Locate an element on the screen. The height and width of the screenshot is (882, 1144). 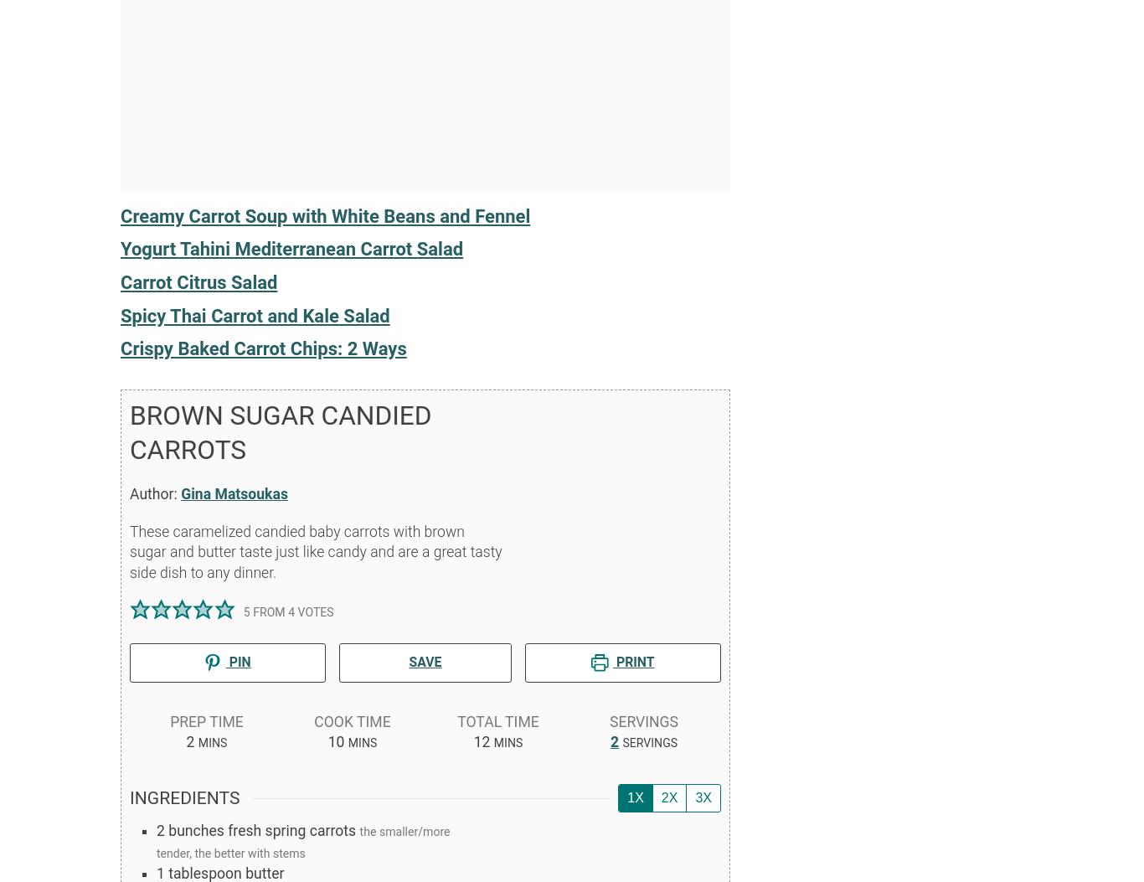
'Save' is located at coordinates (425, 662).